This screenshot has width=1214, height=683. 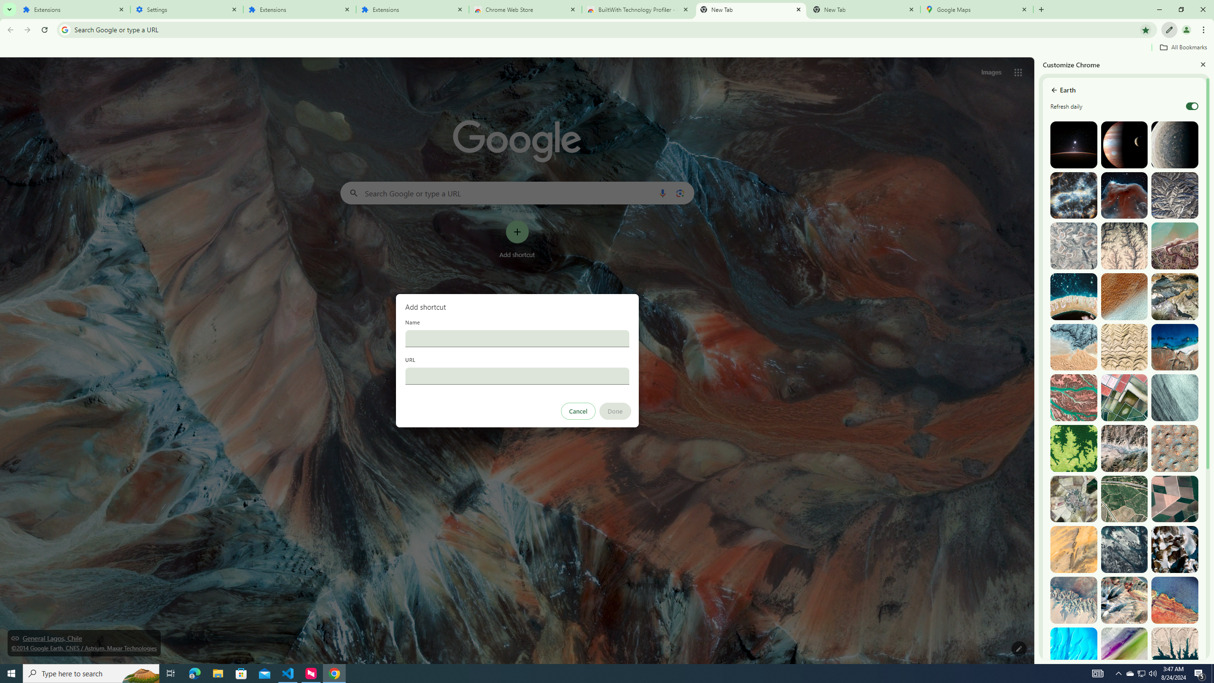 What do you see at coordinates (27, 29) in the screenshot?
I see `'Forward'` at bounding box center [27, 29].